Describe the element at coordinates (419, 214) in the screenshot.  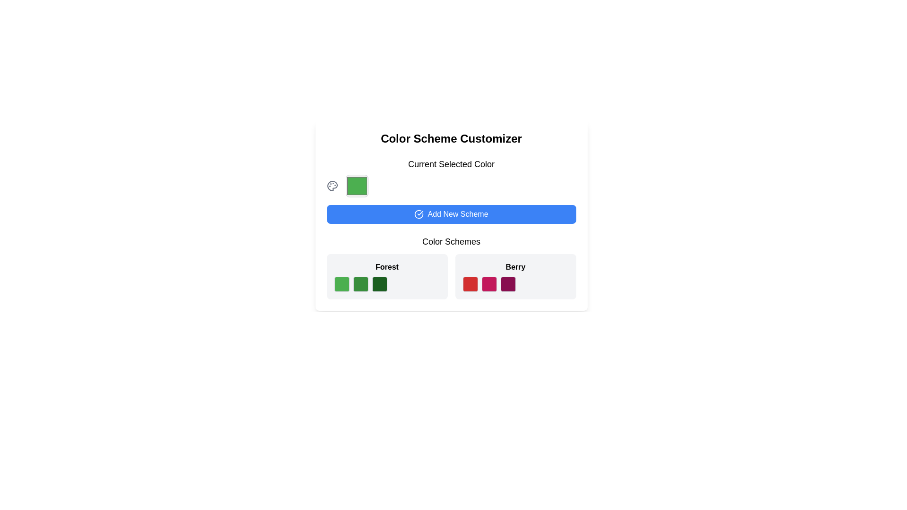
I see `the circular Iconography element styled with no fill and a stroke of the current color, which is part of an SVG icon in the left section of the interface` at that location.